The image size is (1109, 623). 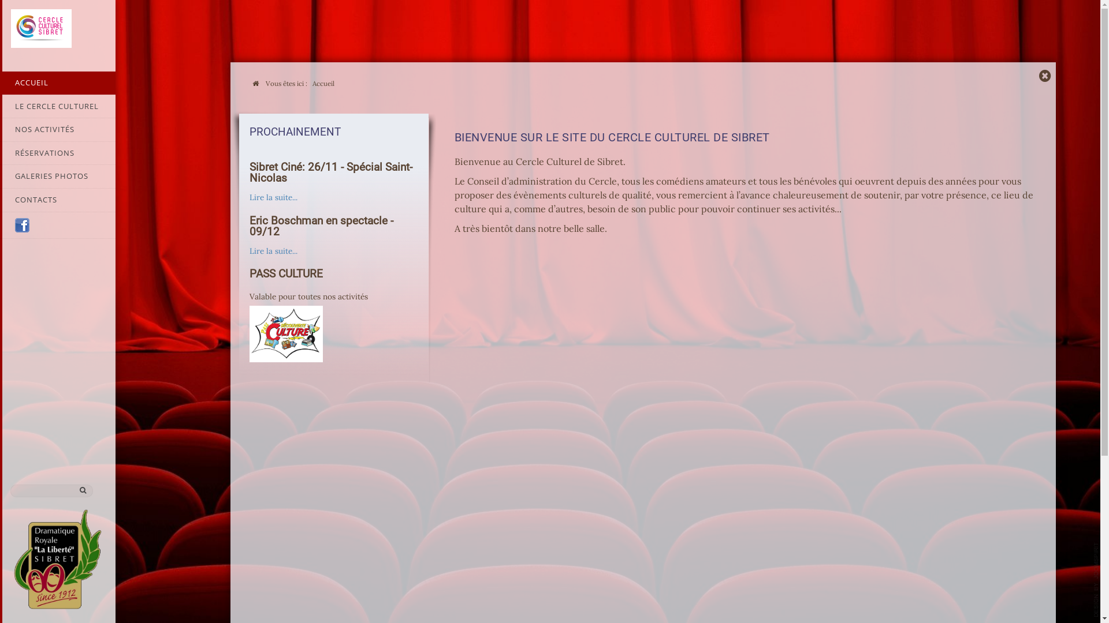 What do you see at coordinates (273, 197) in the screenshot?
I see `'Lire la suite...'` at bounding box center [273, 197].